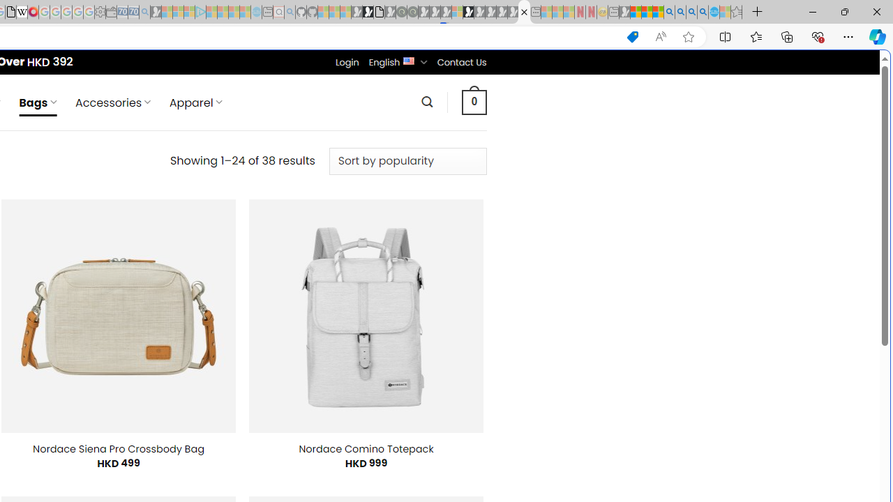 The image size is (893, 502). Describe the element at coordinates (474, 101) in the screenshot. I see `' 0 '` at that location.